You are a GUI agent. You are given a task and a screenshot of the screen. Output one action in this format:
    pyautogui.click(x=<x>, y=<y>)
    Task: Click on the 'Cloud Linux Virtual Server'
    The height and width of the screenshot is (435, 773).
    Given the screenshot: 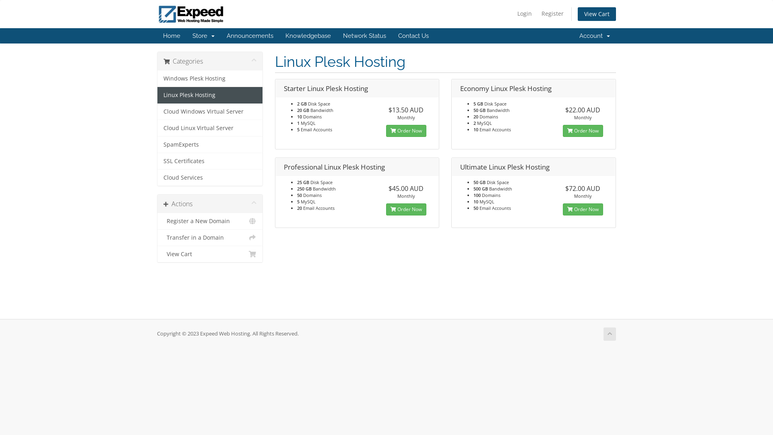 What is the action you would take?
    pyautogui.click(x=157, y=128)
    